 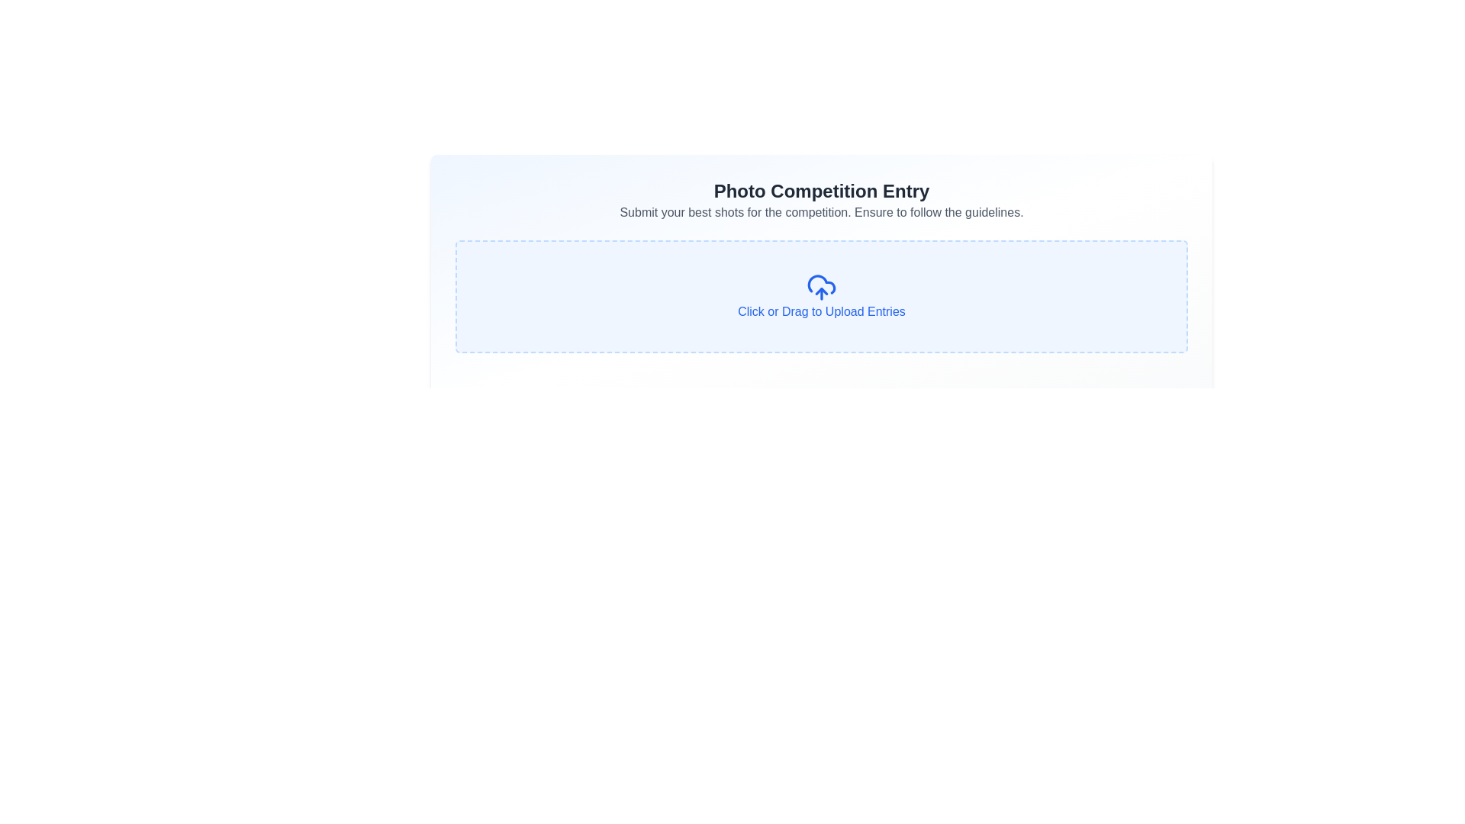 I want to click on the text block containing the heading 'Photo Competition Entry' and the subheading 'Submit your best shots for the competition. Ensure to follow the guidelines.', so click(x=820, y=199).